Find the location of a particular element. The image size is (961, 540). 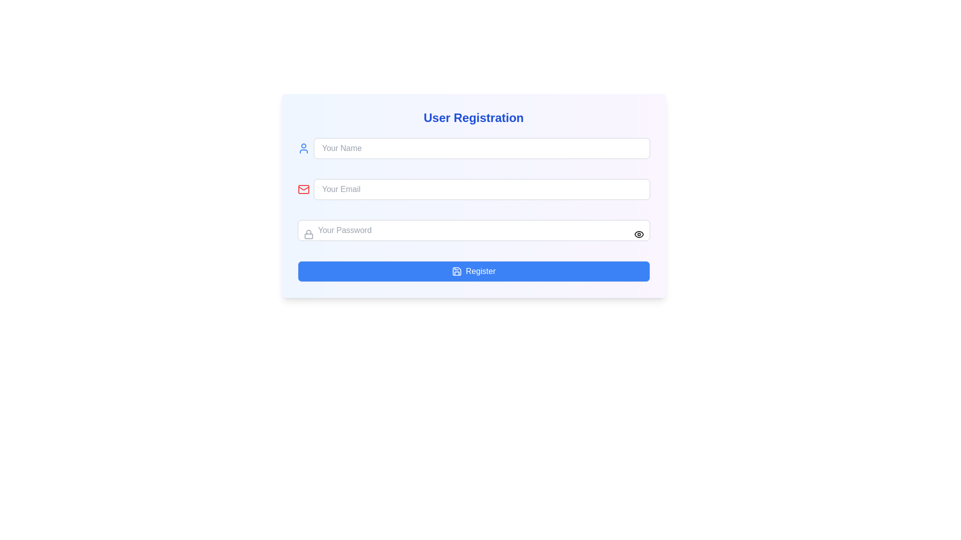

the red mail icon, which serves as the main rectangular base of the mail icon, situated to the left of the 'Your Email' input field label is located at coordinates (303, 189).